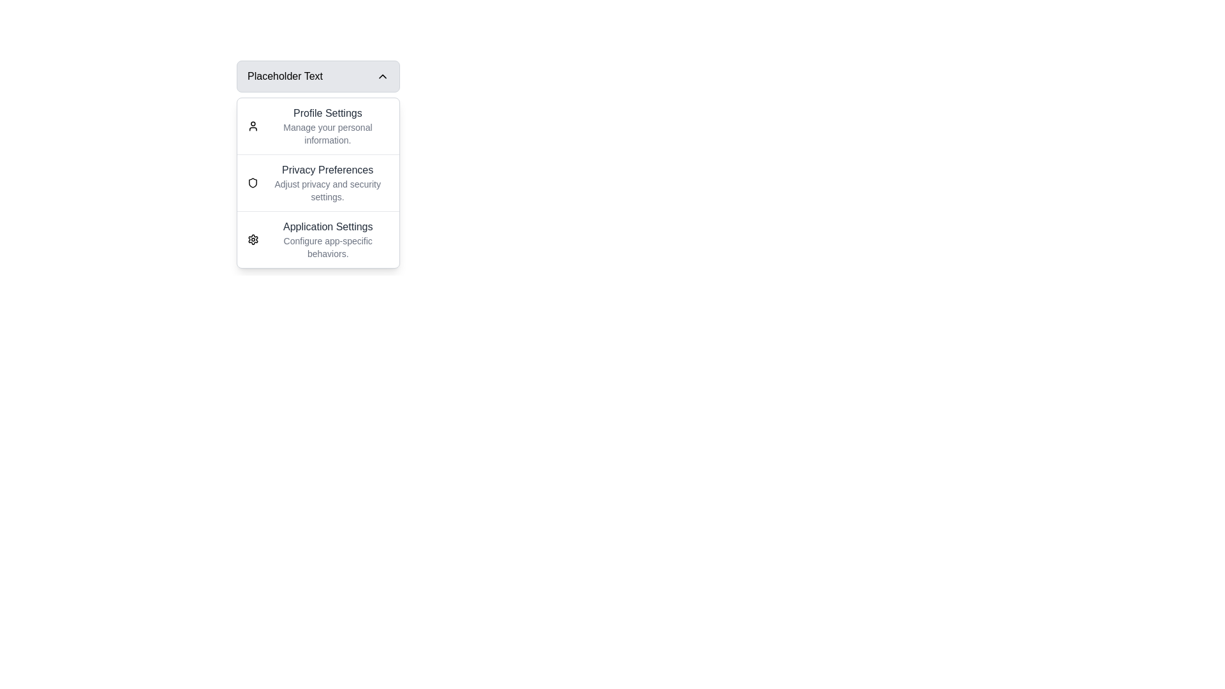 The width and height of the screenshot is (1225, 689). What do you see at coordinates (327, 133) in the screenshot?
I see `the text label providing additional information about the 'Profile Settings' section, located directly underneath the 'Profile Settings' text in the dropdown list` at bounding box center [327, 133].